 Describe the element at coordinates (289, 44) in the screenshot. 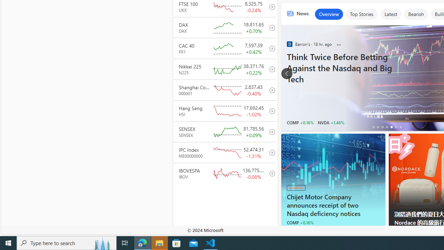

I see `'Barron'` at that location.